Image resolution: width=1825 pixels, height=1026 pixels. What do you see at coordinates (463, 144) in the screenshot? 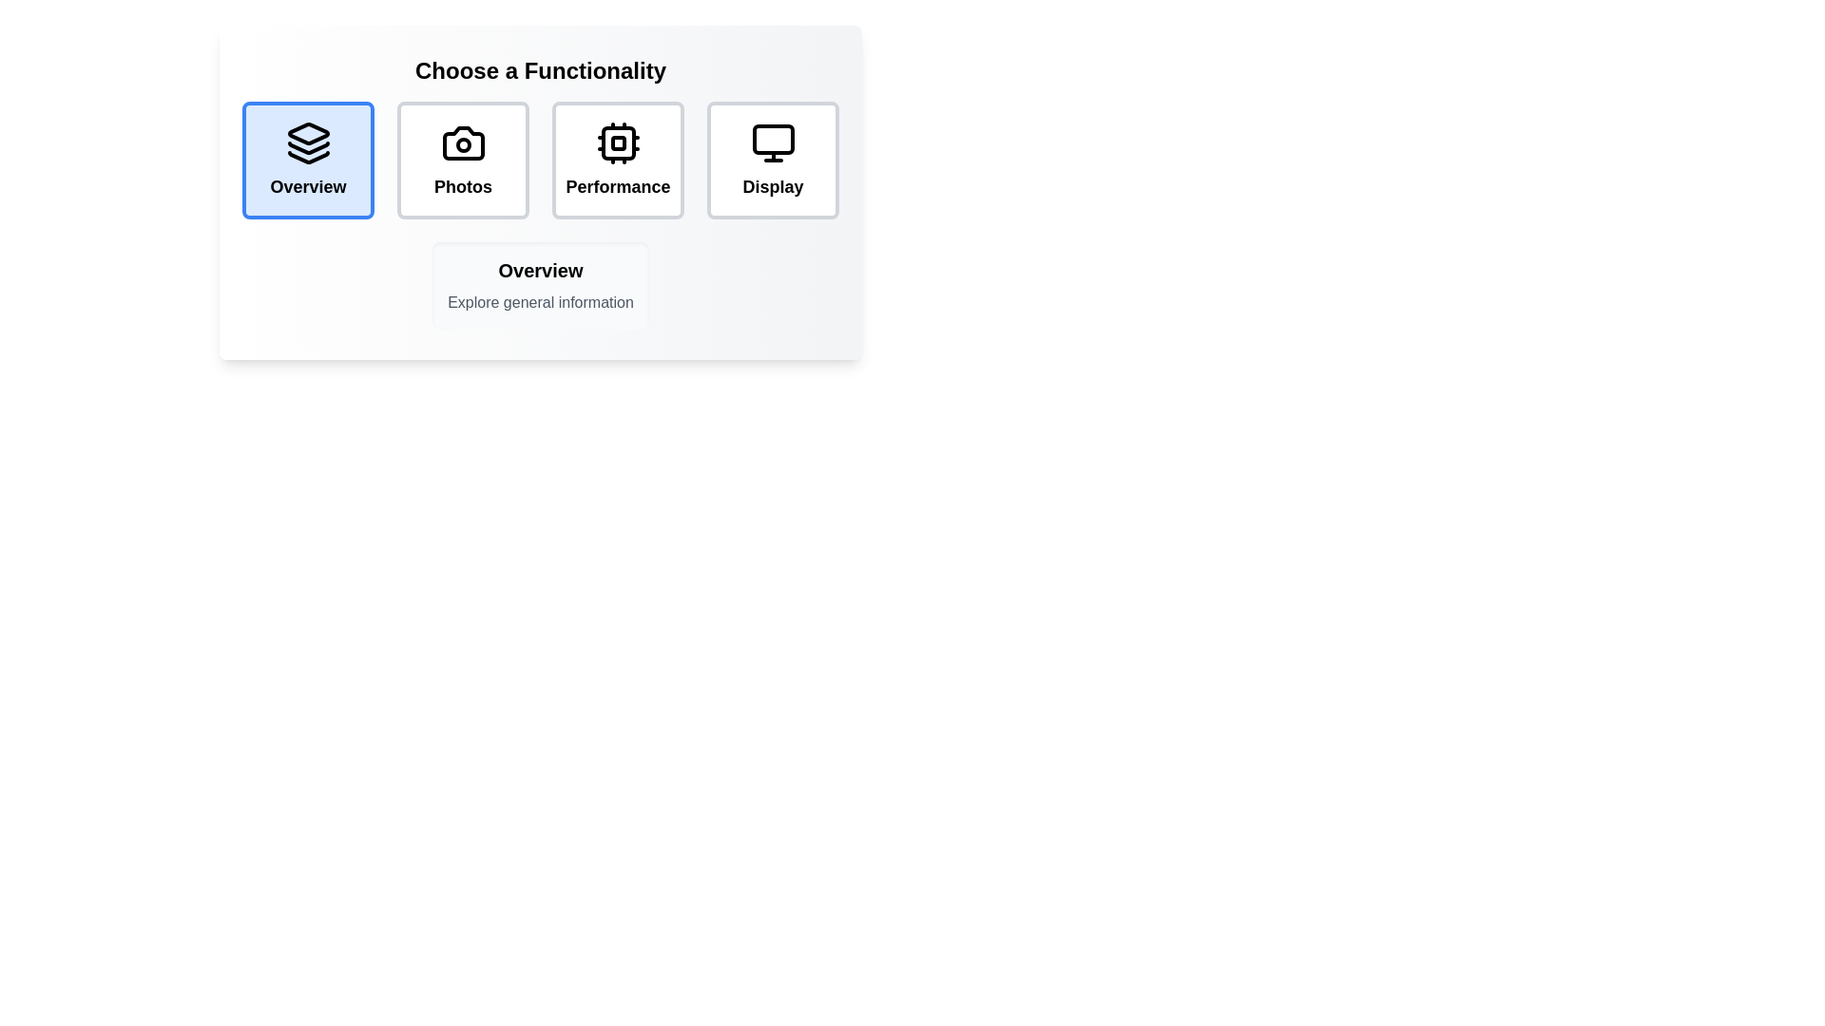
I see `the circular element with a black border and transparent fill, located inside the 'Photos' icon, which is the second option from the left in the top row of functionalities` at bounding box center [463, 144].